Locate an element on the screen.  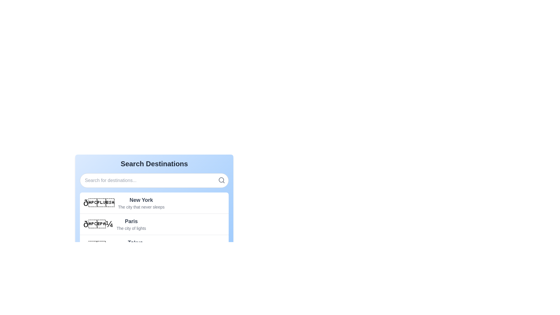
the large, distinctive emoji character that precedes the text 'Paris - The city of lights' in the list item is located at coordinates (98, 224).